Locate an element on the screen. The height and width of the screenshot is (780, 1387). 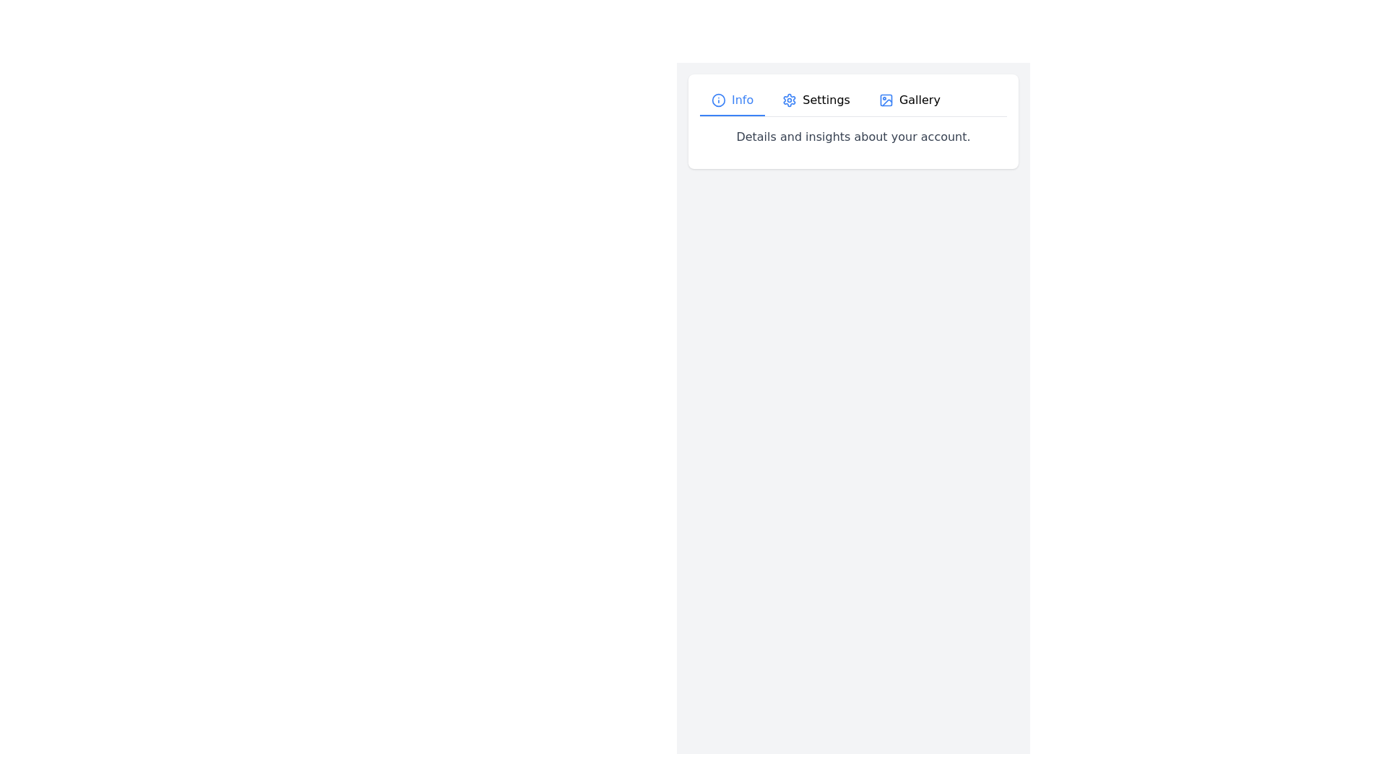
the outer circular part of the 'Information' icon located at the top-left corner of the content box is located at coordinates (718, 99).